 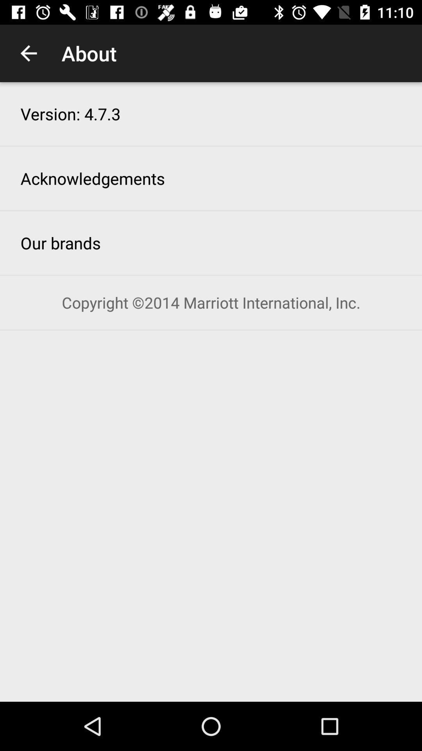 What do you see at coordinates (70, 113) in the screenshot?
I see `the item above the acknowledgements icon` at bounding box center [70, 113].